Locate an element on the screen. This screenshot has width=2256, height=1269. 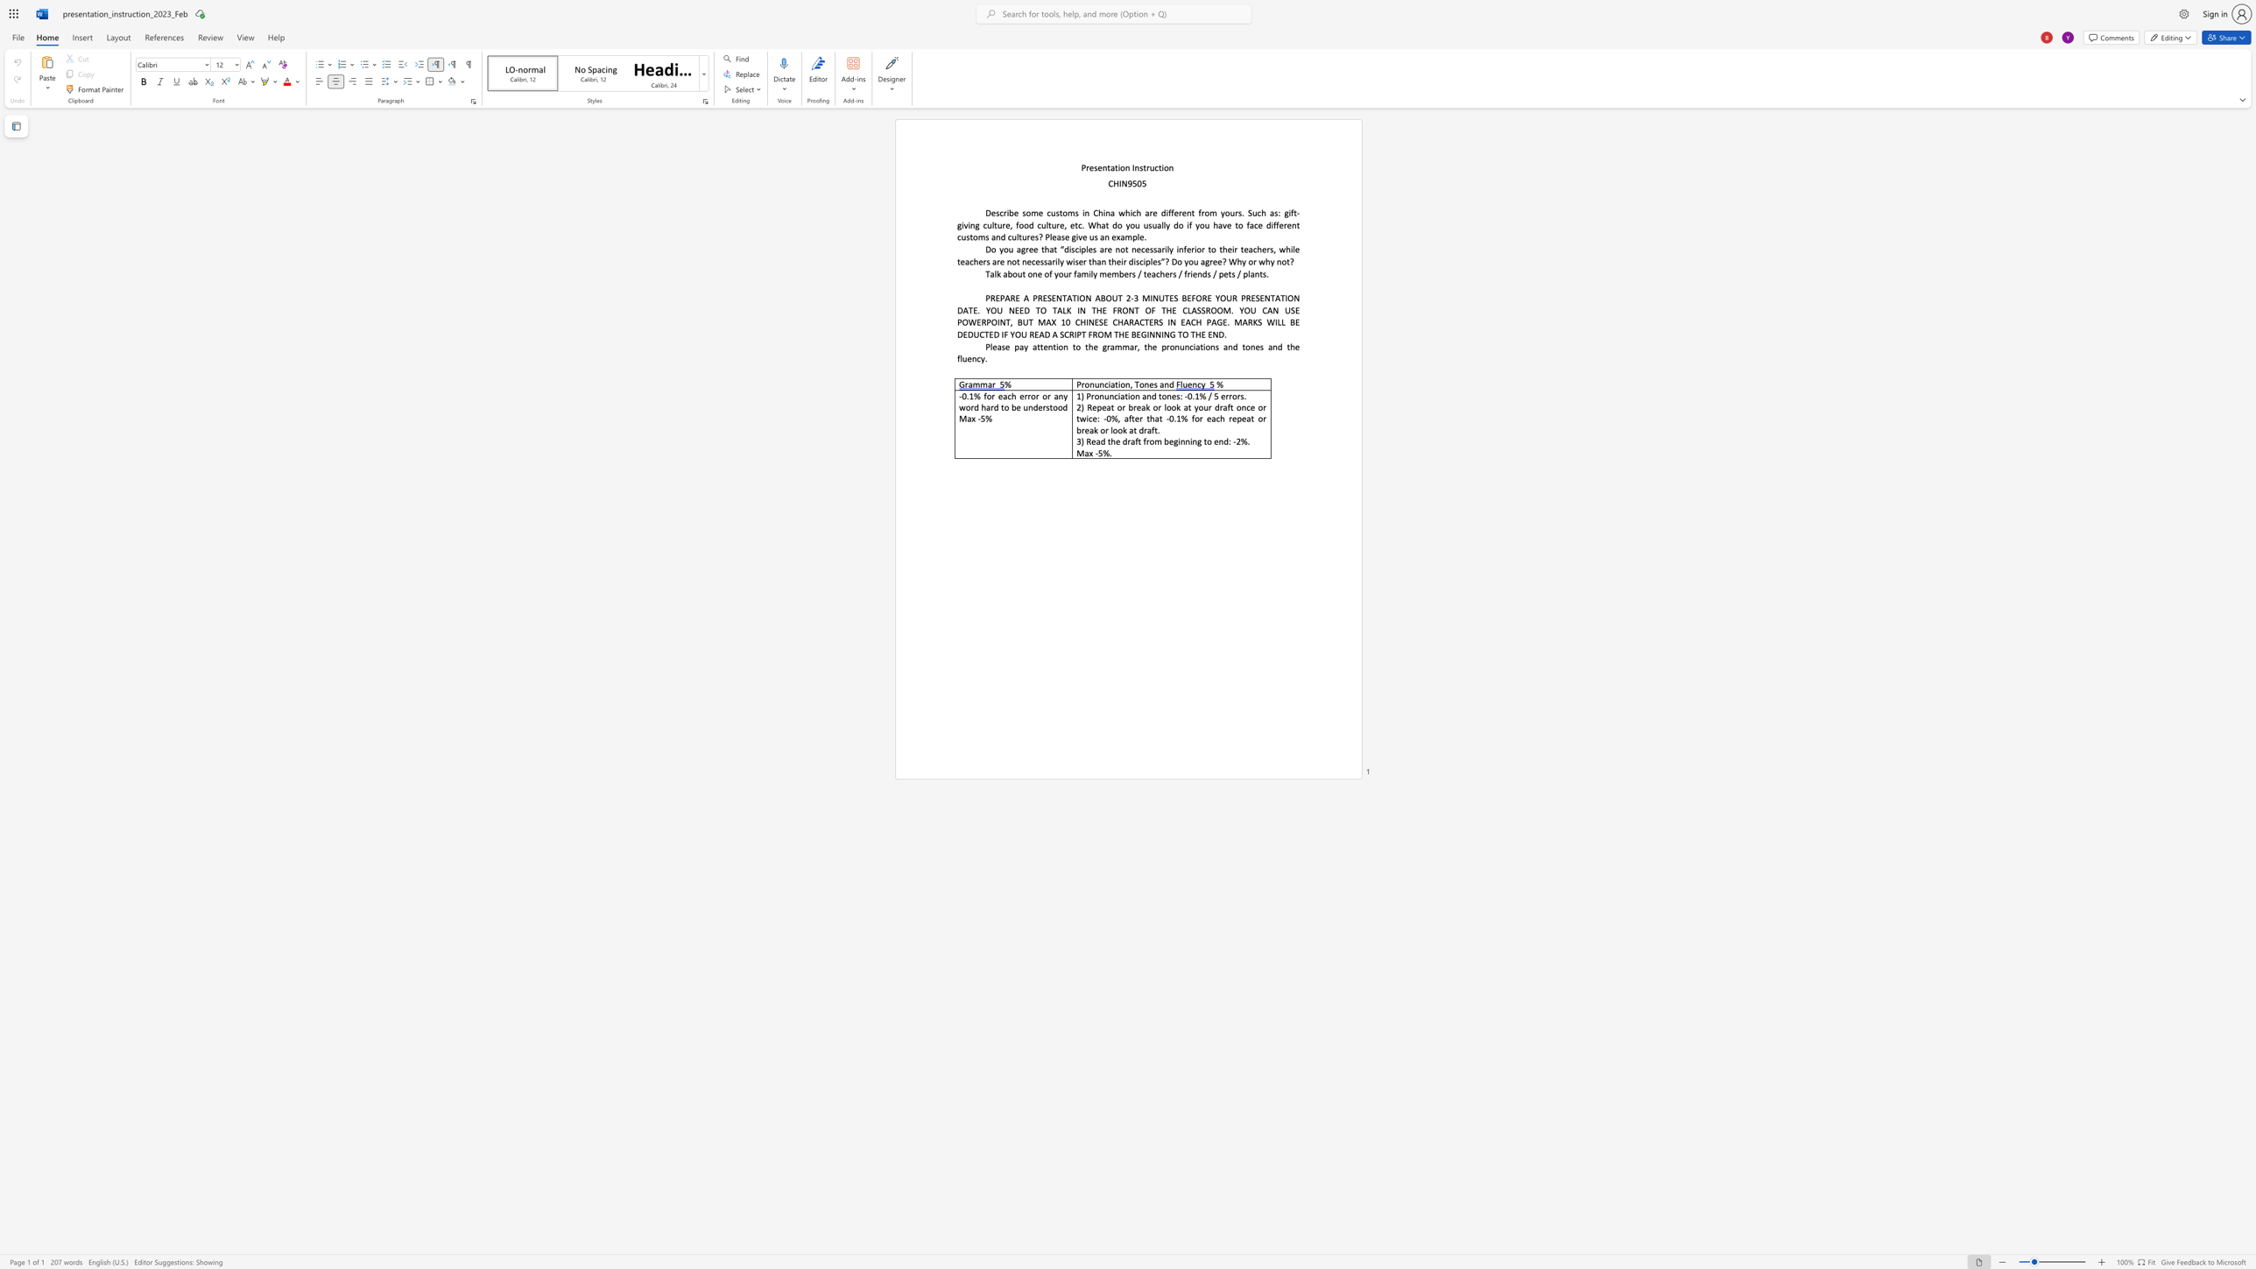
the subset text "ERPOINT, BUT MAX 10 CHINESE CHARACTERS IN EACH PAGE. MARKS WILL BE DEDUCTED IF YOU READ A SCRIPT F" within the text "3 MINUTES BEFORE YOUR PRESENTATION DATE. YOU NEED TO TALK IN THE FRONT OF THE CLASSROOM. YOU CAN USE POWERPOINT, BUT MAX 10 CHINESE CHARACTERS IN EACH PAGE. MARKS WILL BE DEDUCTED IF YOU READ A SCRIPT FROM THE BEGINNING TO THE END." is located at coordinates (976, 321).